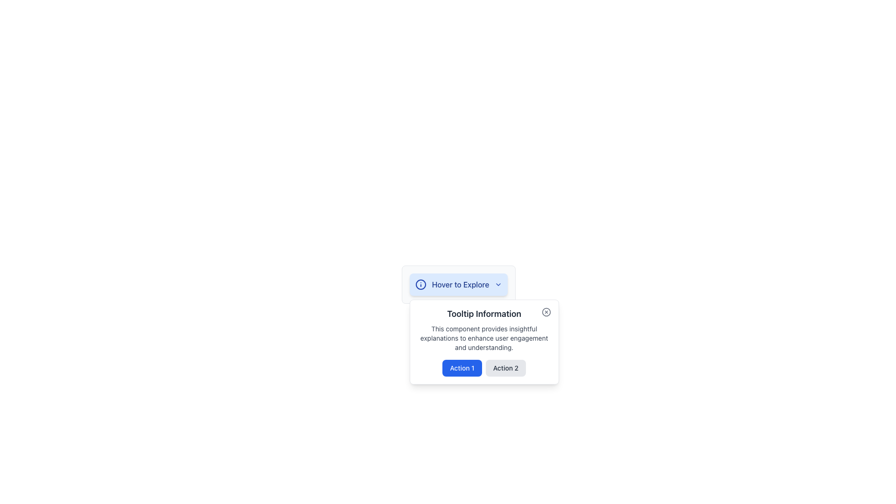 The height and width of the screenshot is (504, 896). I want to click on the rectangular button with a light blue background and rounded edges, labeled 'Hover, so click(459, 284).